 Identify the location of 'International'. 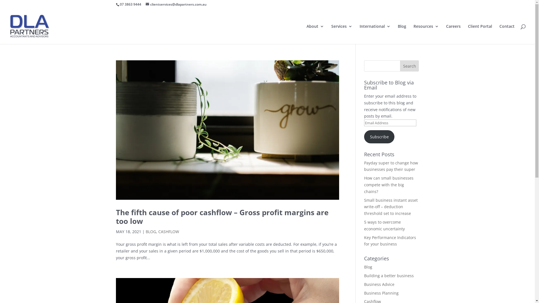
(360, 34).